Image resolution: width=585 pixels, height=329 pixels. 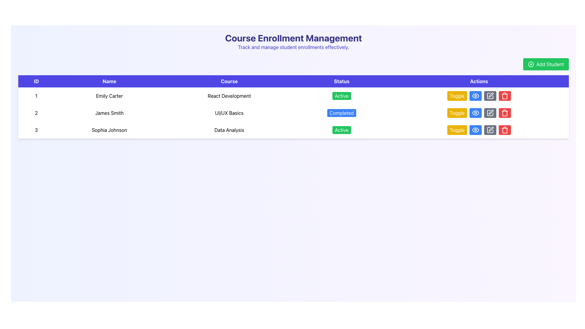 What do you see at coordinates (490, 130) in the screenshot?
I see `the edit button in the 'Actions' column of the table corresponding to 'Sophia Johnson'` at bounding box center [490, 130].